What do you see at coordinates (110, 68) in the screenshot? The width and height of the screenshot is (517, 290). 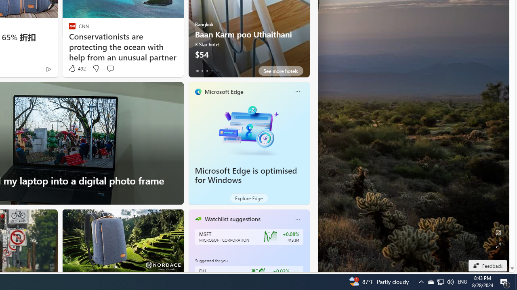 I see `'Start the conversation'` at bounding box center [110, 68].